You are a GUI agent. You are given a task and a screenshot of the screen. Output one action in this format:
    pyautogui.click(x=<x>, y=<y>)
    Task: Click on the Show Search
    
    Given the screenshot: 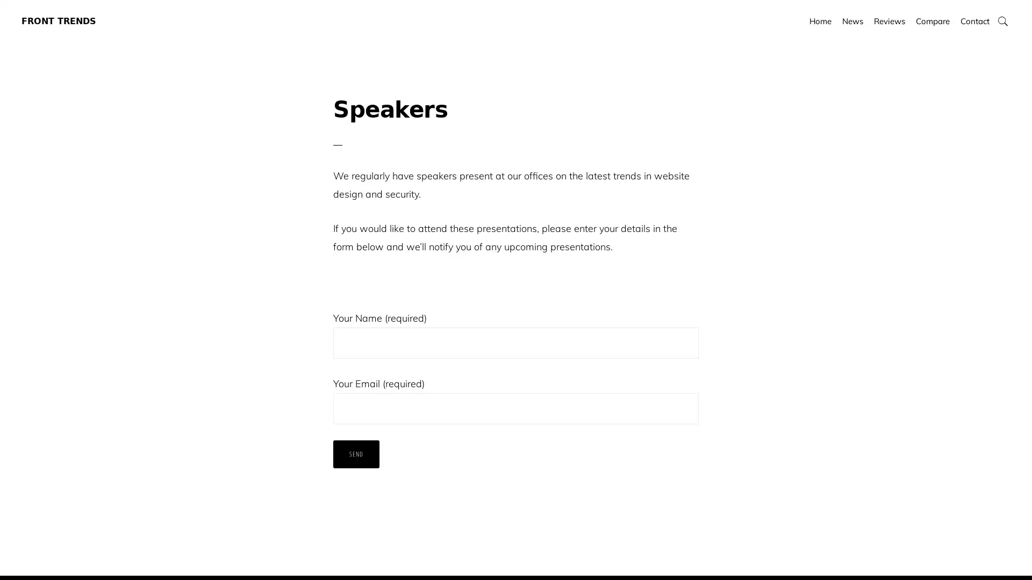 What is the action you would take?
    pyautogui.click(x=1002, y=21)
    